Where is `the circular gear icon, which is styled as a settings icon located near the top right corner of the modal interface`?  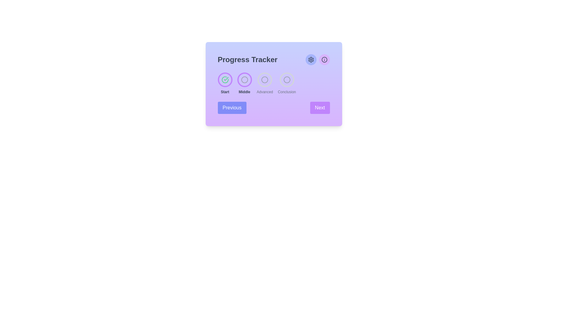 the circular gear icon, which is styled as a settings icon located near the top right corner of the modal interface is located at coordinates (311, 60).